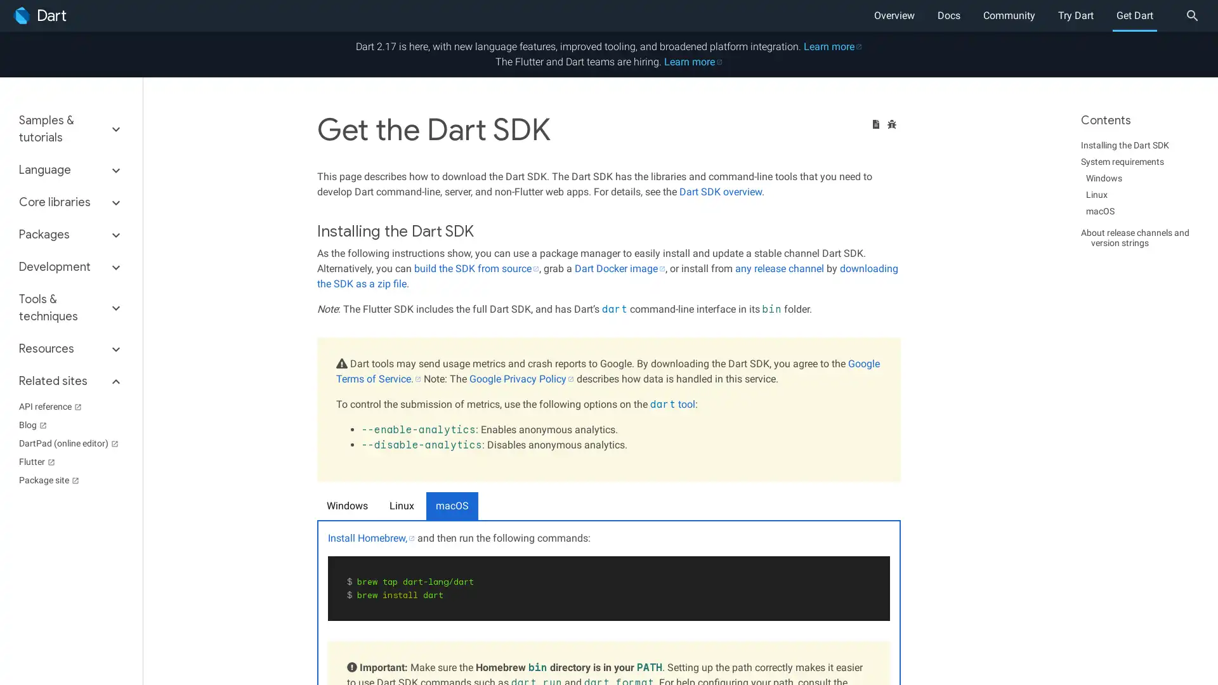  I want to click on Related sites keyboard_arrow_down, so click(70, 381).